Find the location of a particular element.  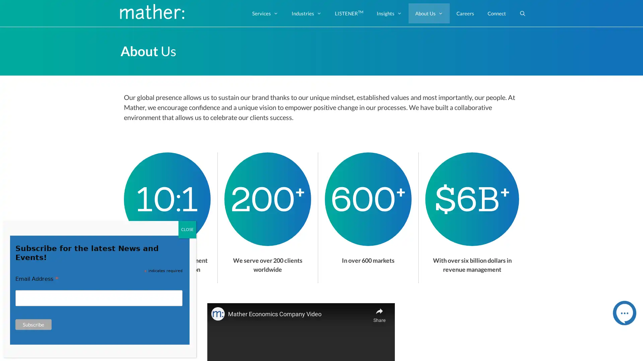

Close is located at coordinates (187, 229).